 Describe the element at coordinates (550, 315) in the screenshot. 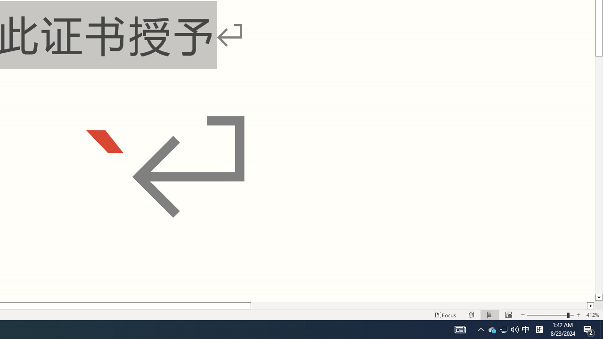

I see `'Zoom'` at that location.